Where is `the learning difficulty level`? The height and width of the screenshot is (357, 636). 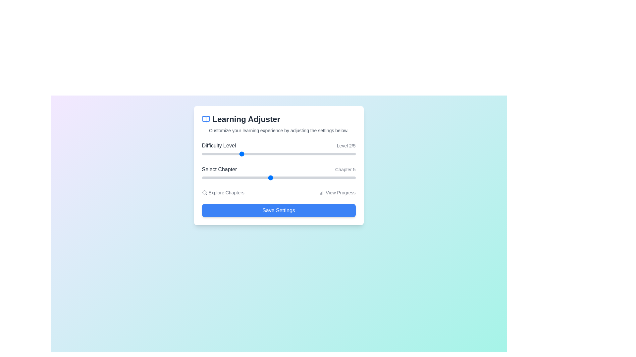
the learning difficulty level is located at coordinates (240, 154).